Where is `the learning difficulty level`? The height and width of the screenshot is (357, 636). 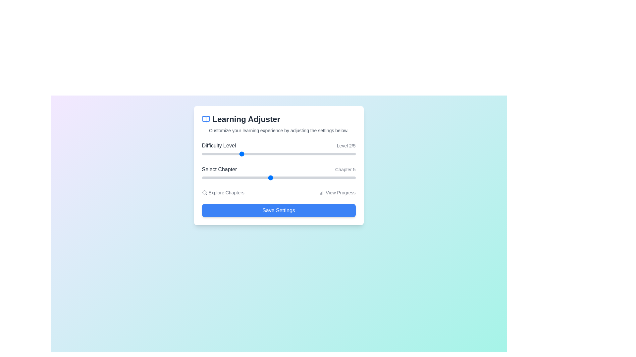
the learning difficulty level is located at coordinates (240, 154).